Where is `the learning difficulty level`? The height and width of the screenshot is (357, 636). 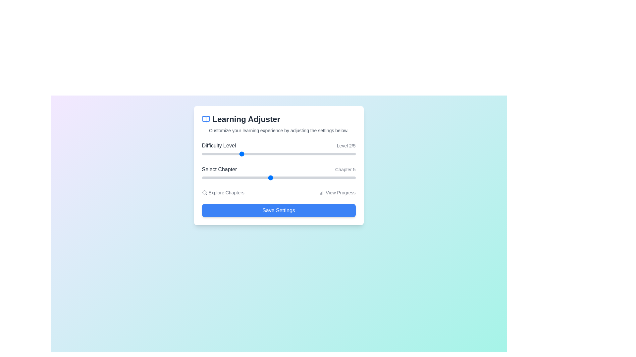
the learning difficulty level is located at coordinates (240, 154).